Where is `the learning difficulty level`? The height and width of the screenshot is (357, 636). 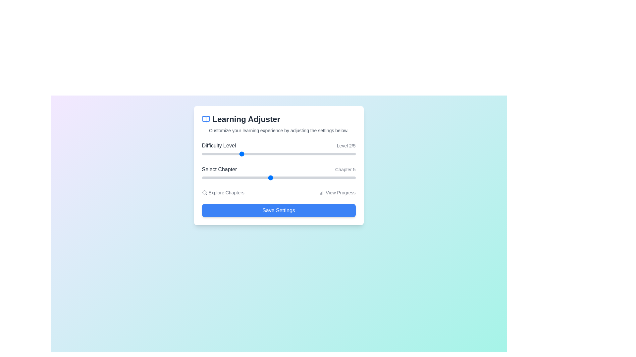
the learning difficulty level is located at coordinates (240, 154).